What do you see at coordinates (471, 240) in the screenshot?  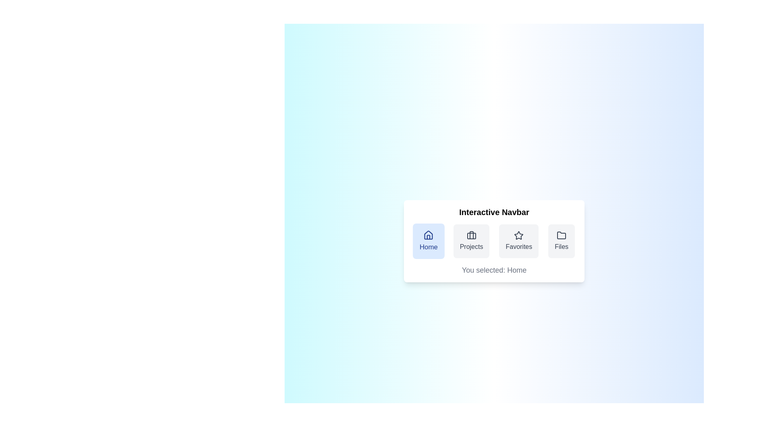 I see `the navigation item Projects to observe the visual feedback` at bounding box center [471, 240].